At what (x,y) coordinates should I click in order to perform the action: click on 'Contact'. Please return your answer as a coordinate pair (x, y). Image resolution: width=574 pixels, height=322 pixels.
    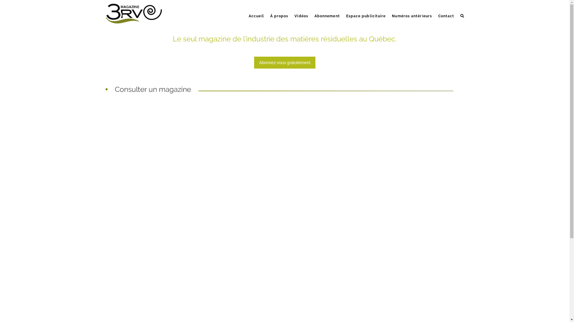
    Looking at the image, I should click on (435, 10).